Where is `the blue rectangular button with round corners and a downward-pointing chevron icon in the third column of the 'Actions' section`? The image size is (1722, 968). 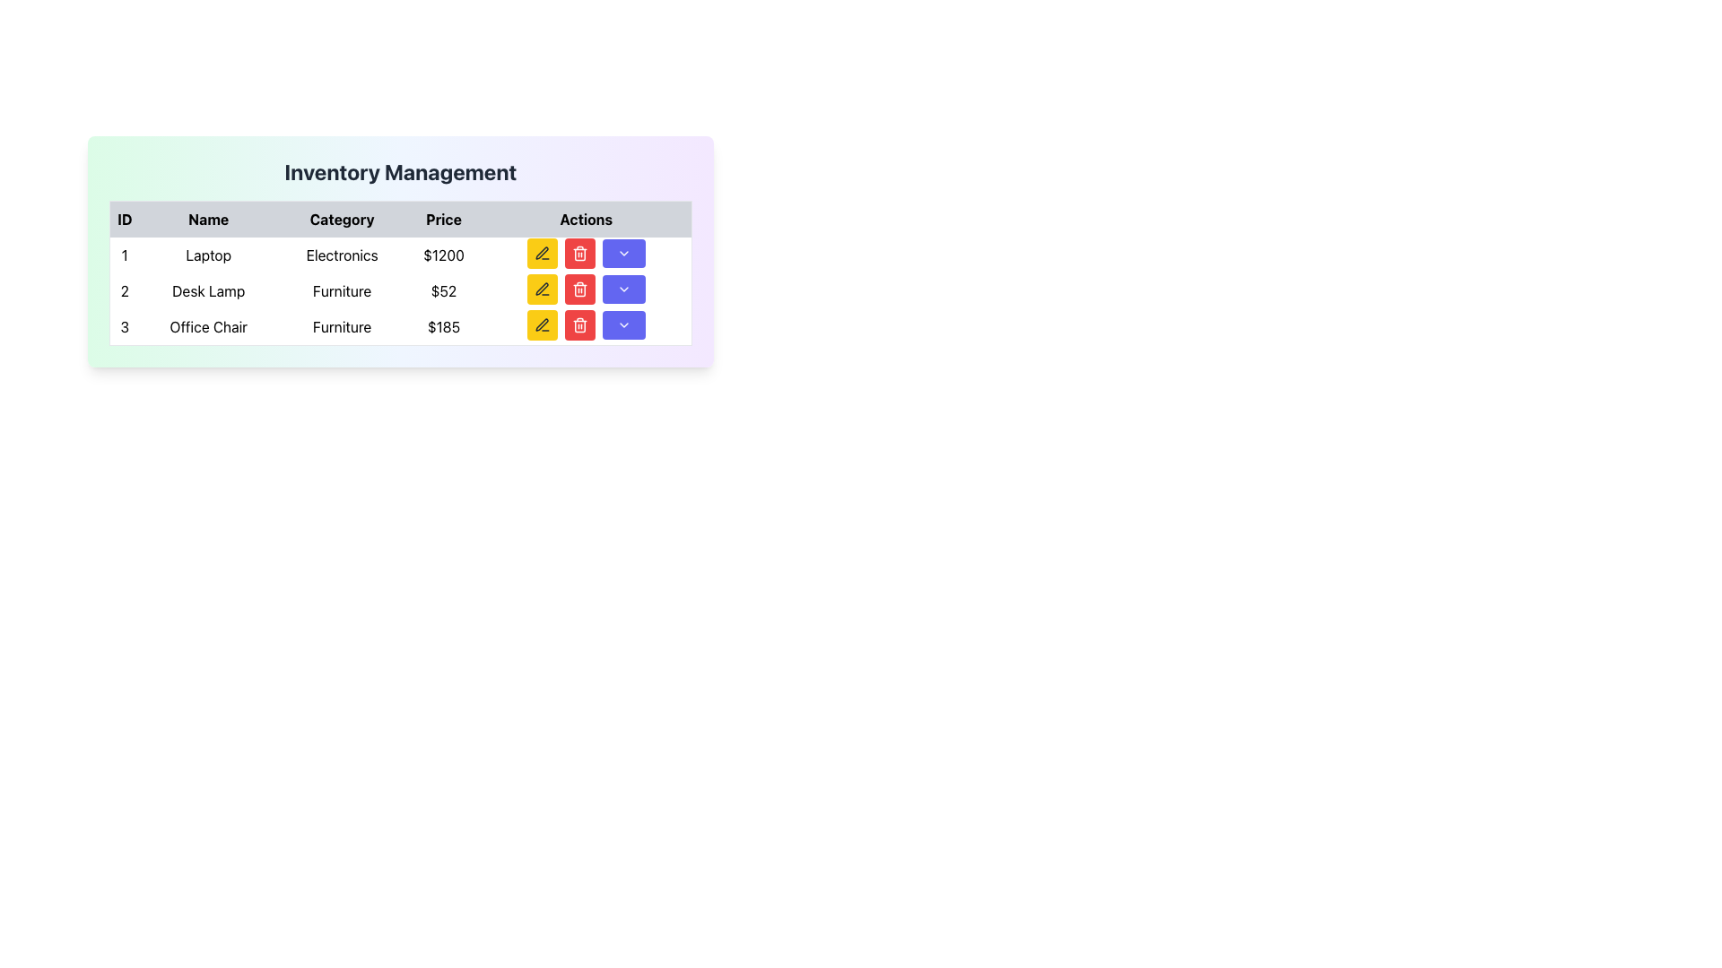
the blue rectangular button with round corners and a downward-pointing chevron icon in the third column of the 'Actions' section is located at coordinates (623, 289).